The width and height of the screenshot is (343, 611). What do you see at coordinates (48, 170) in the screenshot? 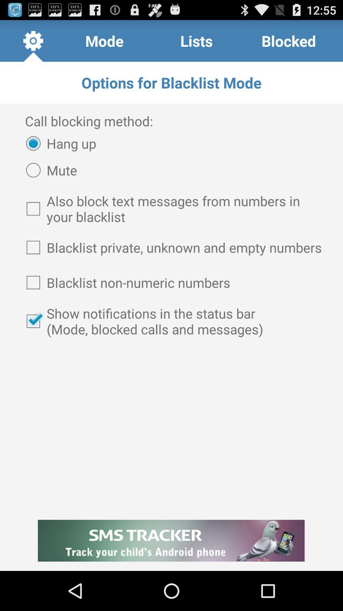
I see `checkbox above also block text icon` at bounding box center [48, 170].